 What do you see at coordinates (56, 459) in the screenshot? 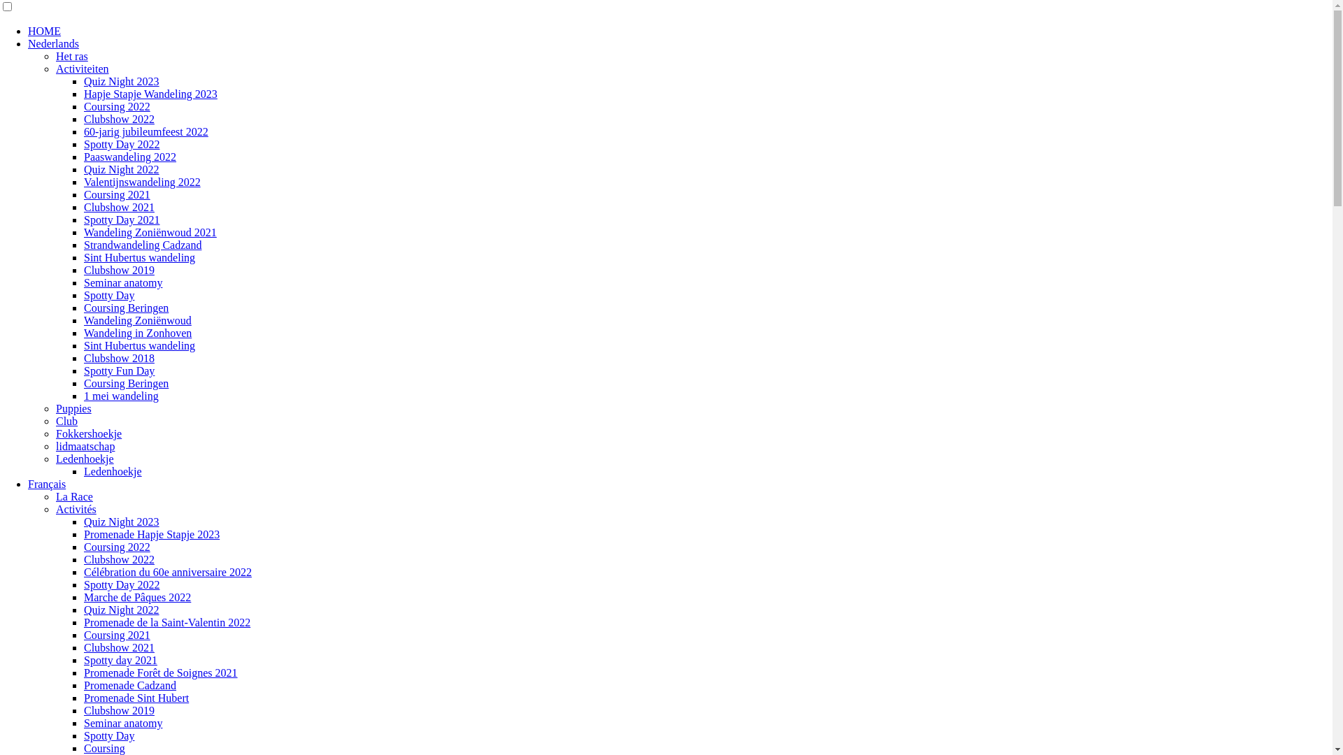
I see `'Ledenhoekje'` at bounding box center [56, 459].